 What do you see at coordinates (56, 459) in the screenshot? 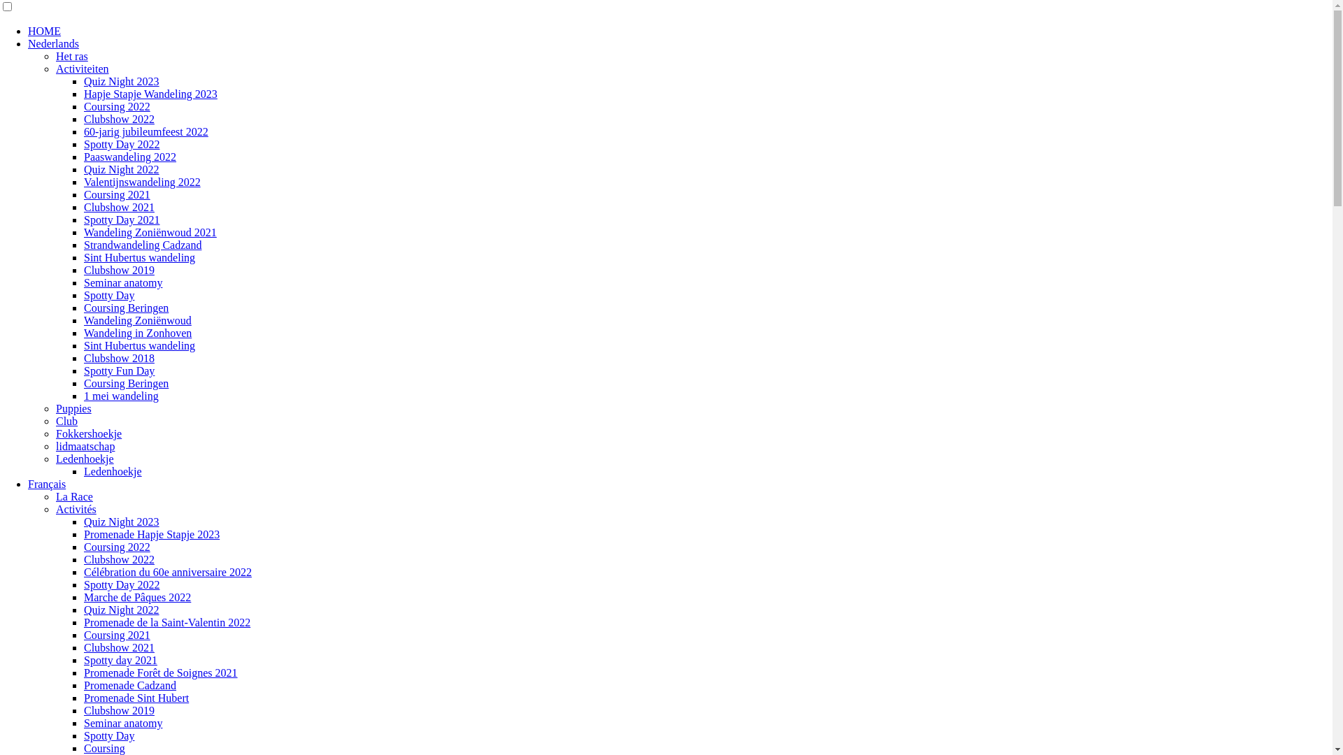
I see `'Ledenhoekje'` at bounding box center [56, 459].